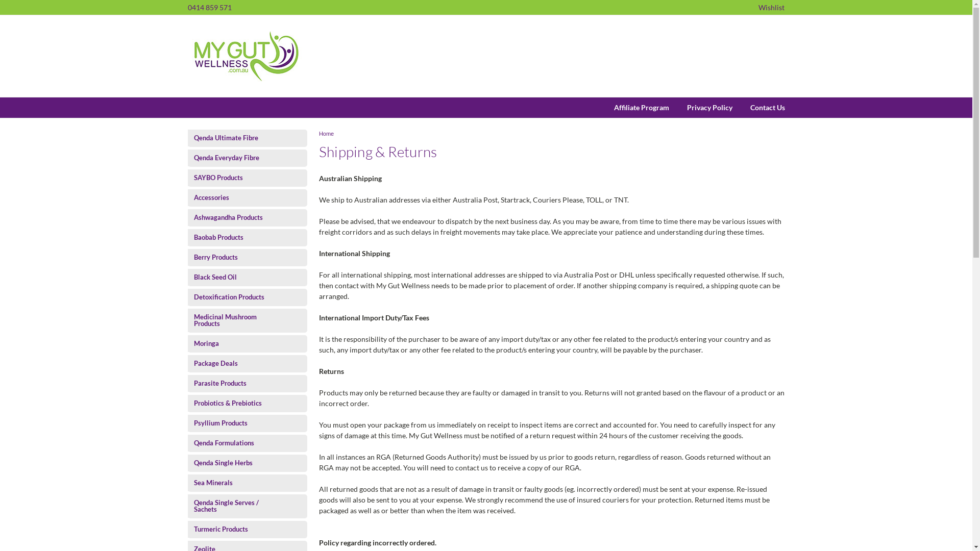 The width and height of the screenshot is (980, 551). Describe the element at coordinates (188, 529) in the screenshot. I see `'Turmeric Products'` at that location.